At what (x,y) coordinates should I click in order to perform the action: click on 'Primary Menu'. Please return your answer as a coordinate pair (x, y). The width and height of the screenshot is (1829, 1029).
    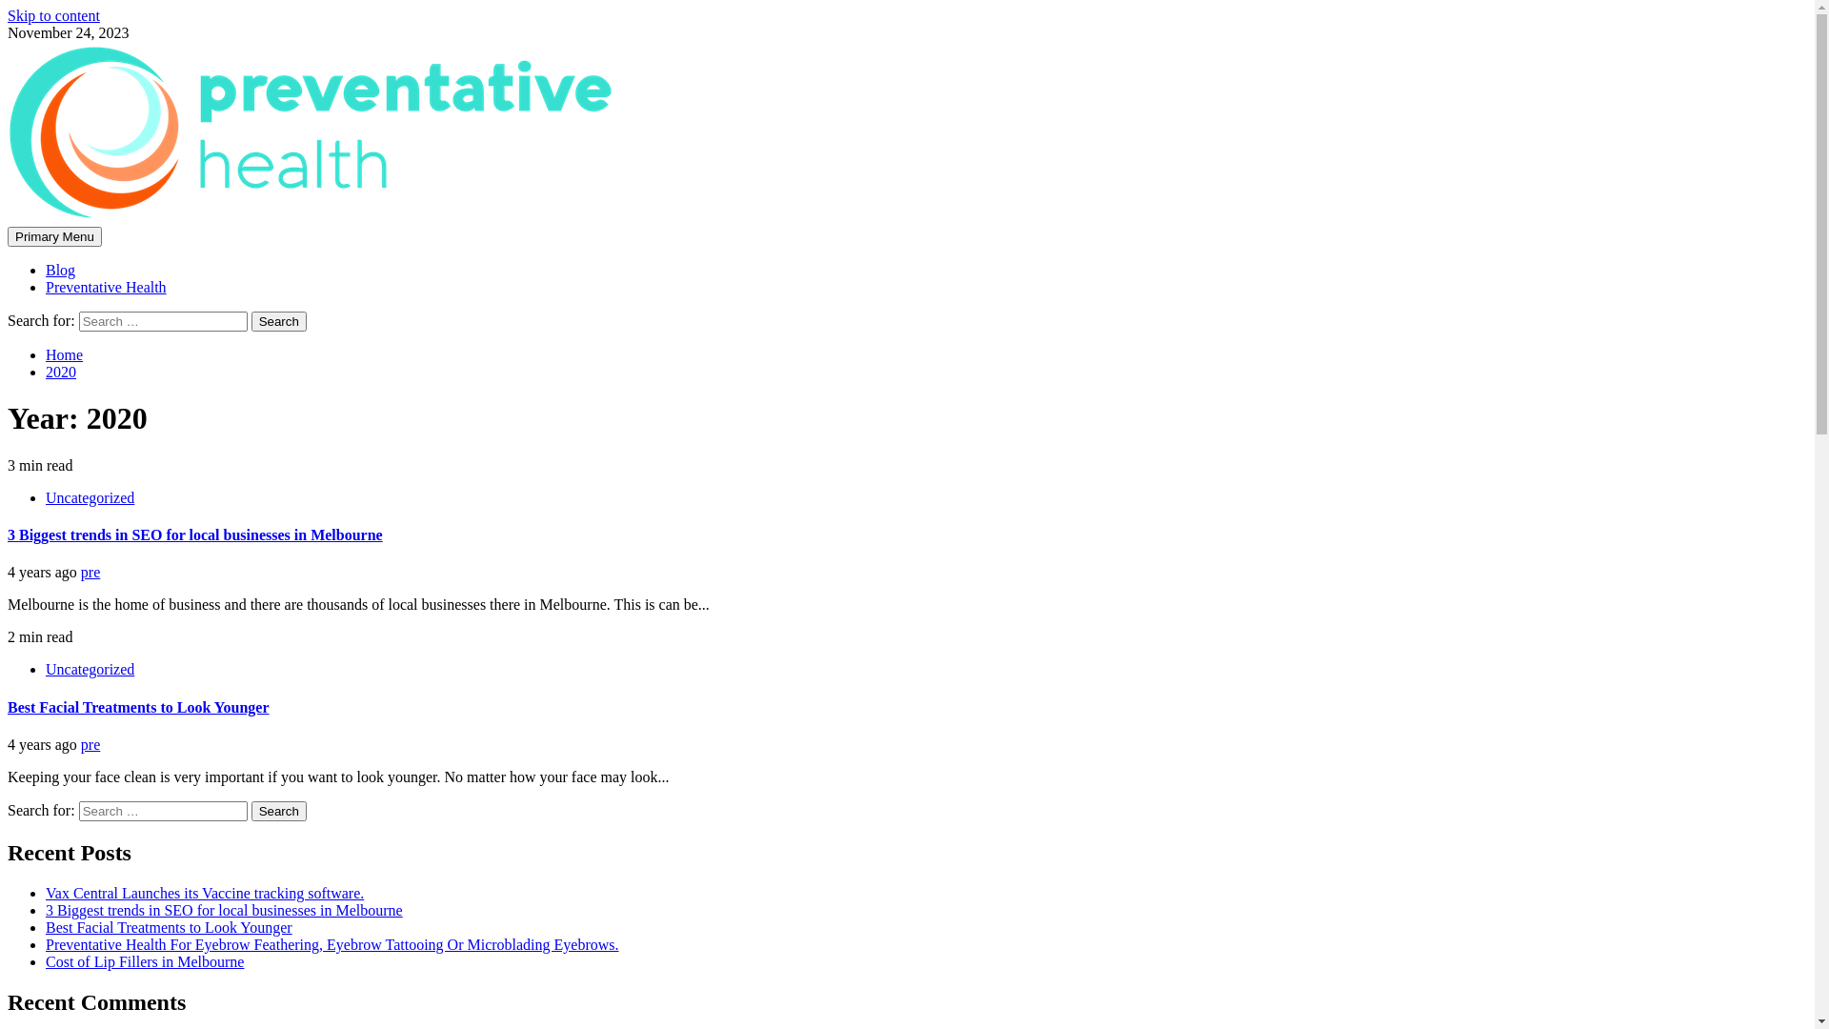
    Looking at the image, I should click on (54, 235).